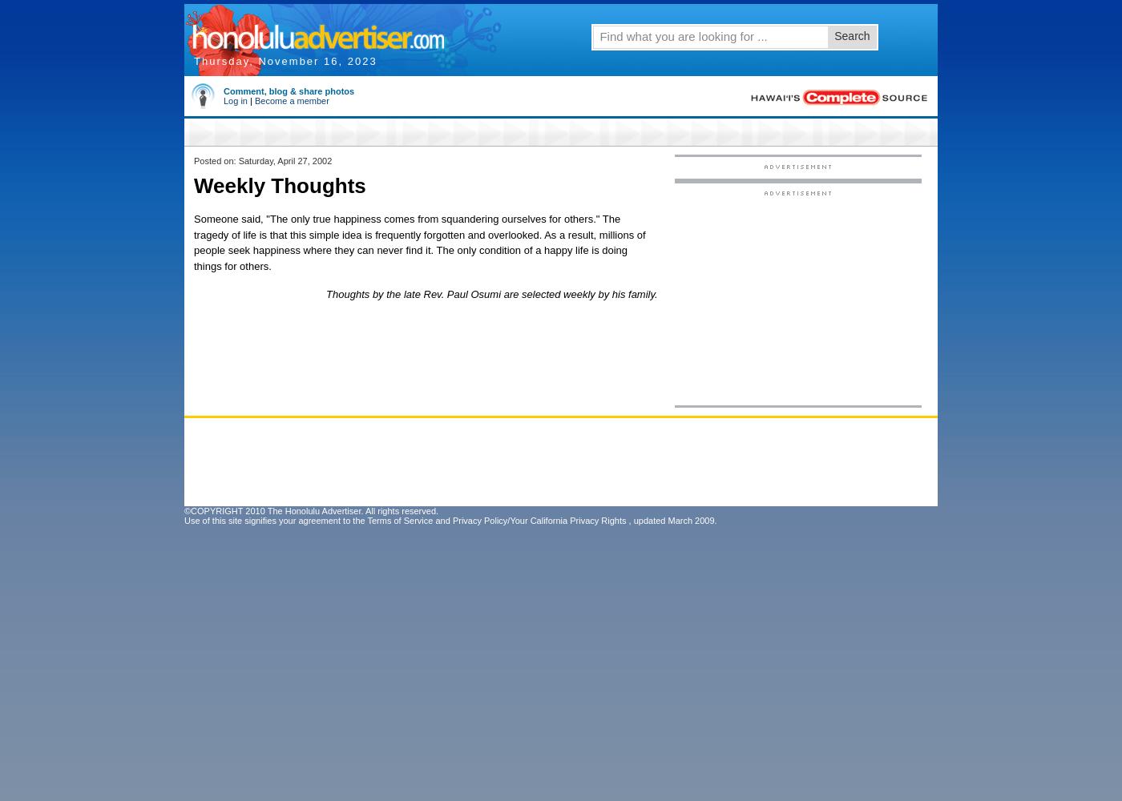  Describe the element at coordinates (275, 521) in the screenshot. I see `'Use of this site signifies your agreement to the'` at that location.